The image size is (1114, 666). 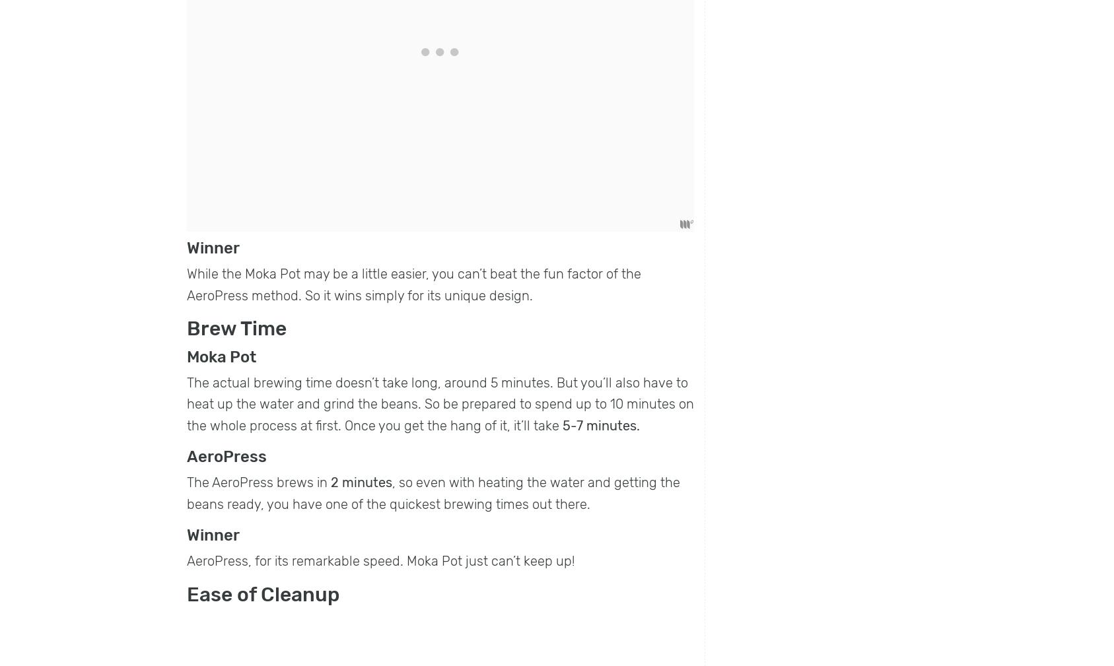 I want to click on '2 minutes', so click(x=361, y=483).